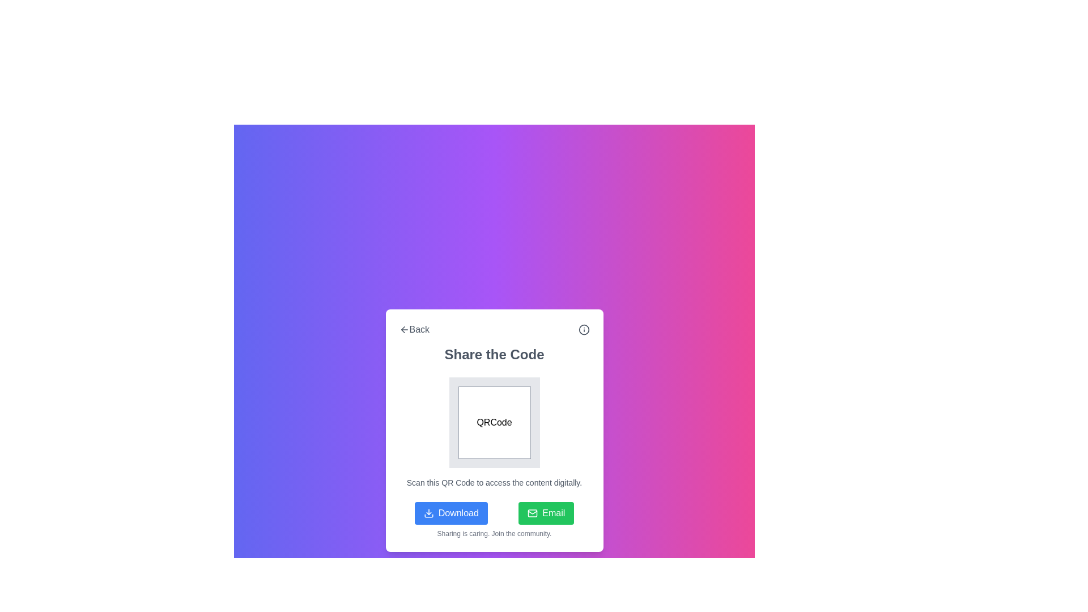  I want to click on the 'Back' navigational button located in the upper-left section of the interface, which features a left-pointing arrow and gray text that turns black on hover, so click(414, 330).